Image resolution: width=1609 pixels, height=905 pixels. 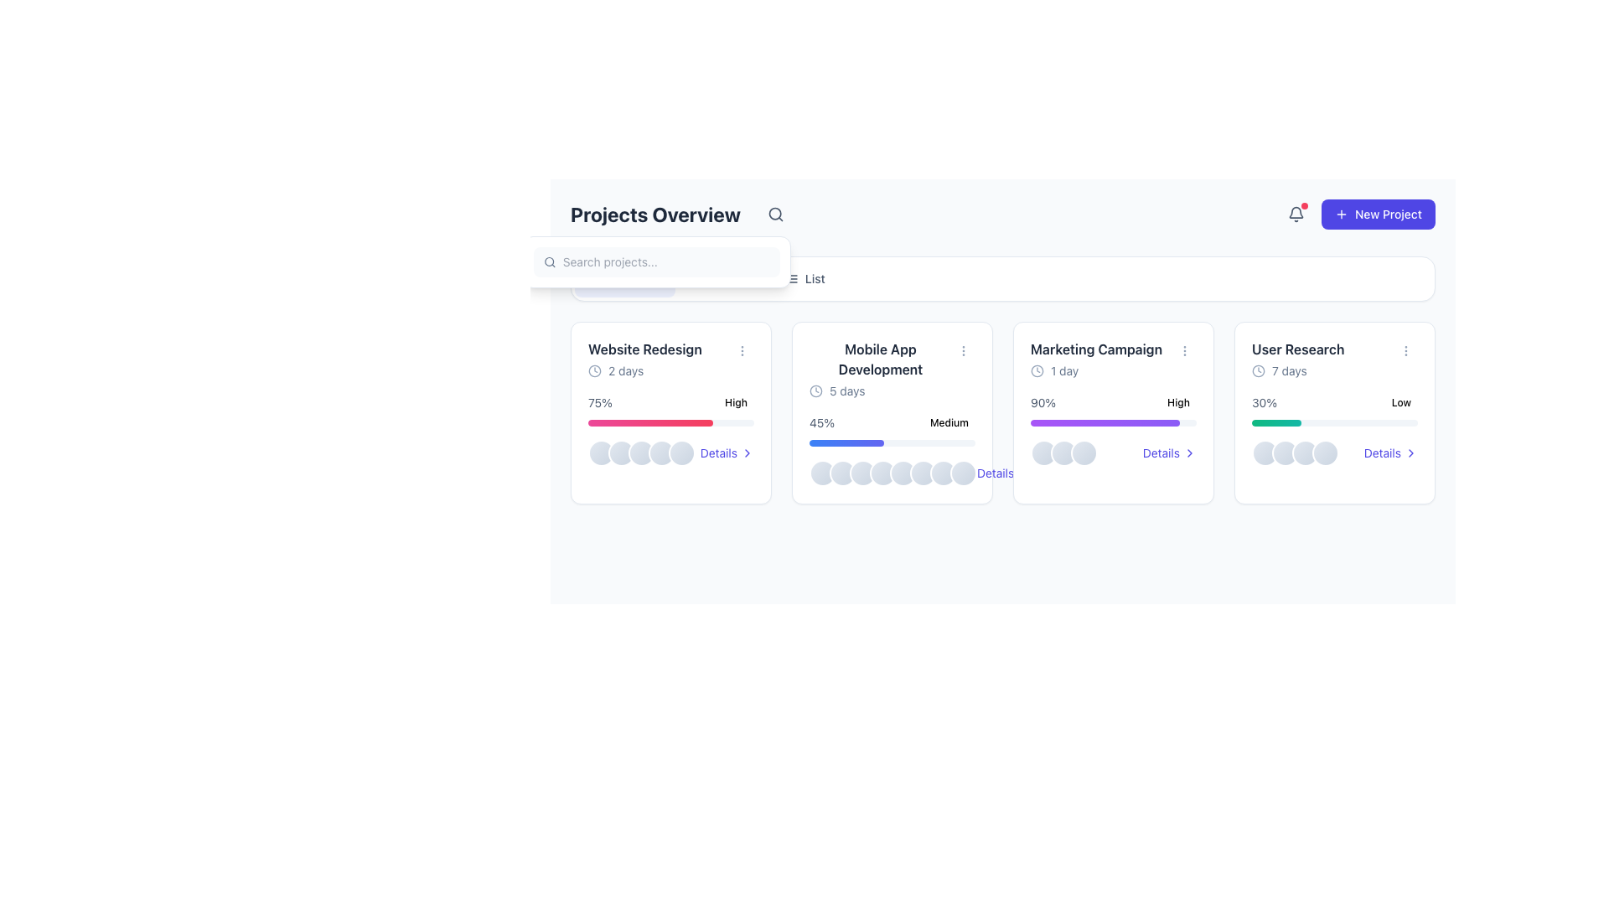 What do you see at coordinates (1096, 348) in the screenshot?
I see `the title label of the 'Marketing Campaign' project card, which is located at the top of the third card from the left in a horizontally aligned row` at bounding box center [1096, 348].